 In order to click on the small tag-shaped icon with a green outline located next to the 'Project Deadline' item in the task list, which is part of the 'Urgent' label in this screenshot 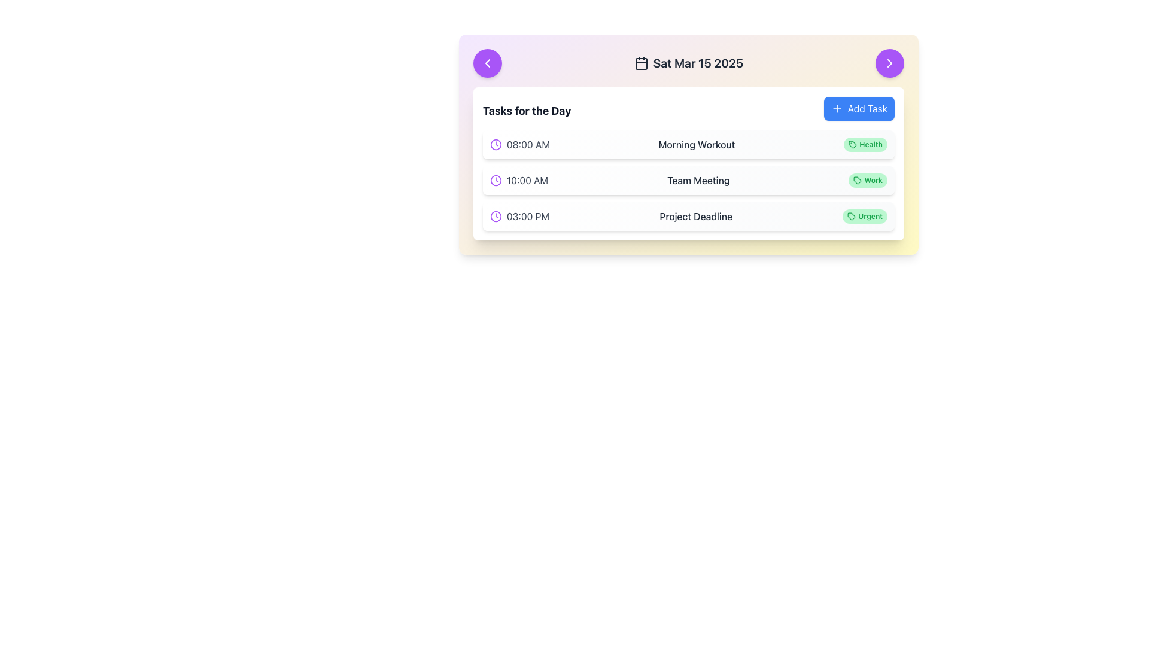, I will do `click(851, 217)`.